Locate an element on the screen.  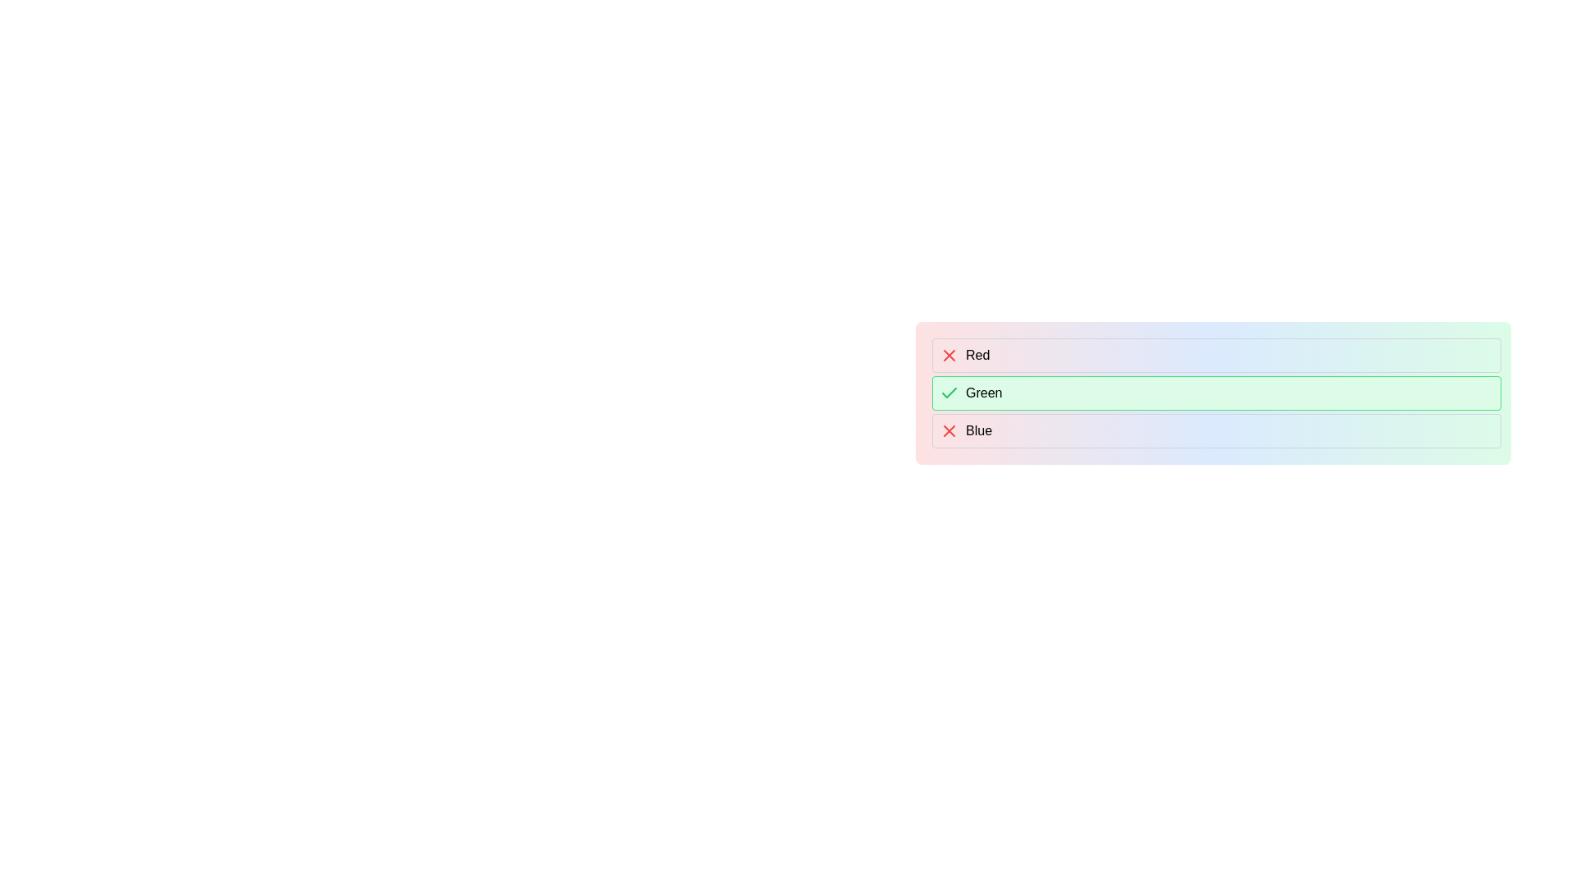
the check icon located within the green rectangle that signifies the selection of the 'Green' option, positioned to the left of the text 'Green' is located at coordinates (949, 393).